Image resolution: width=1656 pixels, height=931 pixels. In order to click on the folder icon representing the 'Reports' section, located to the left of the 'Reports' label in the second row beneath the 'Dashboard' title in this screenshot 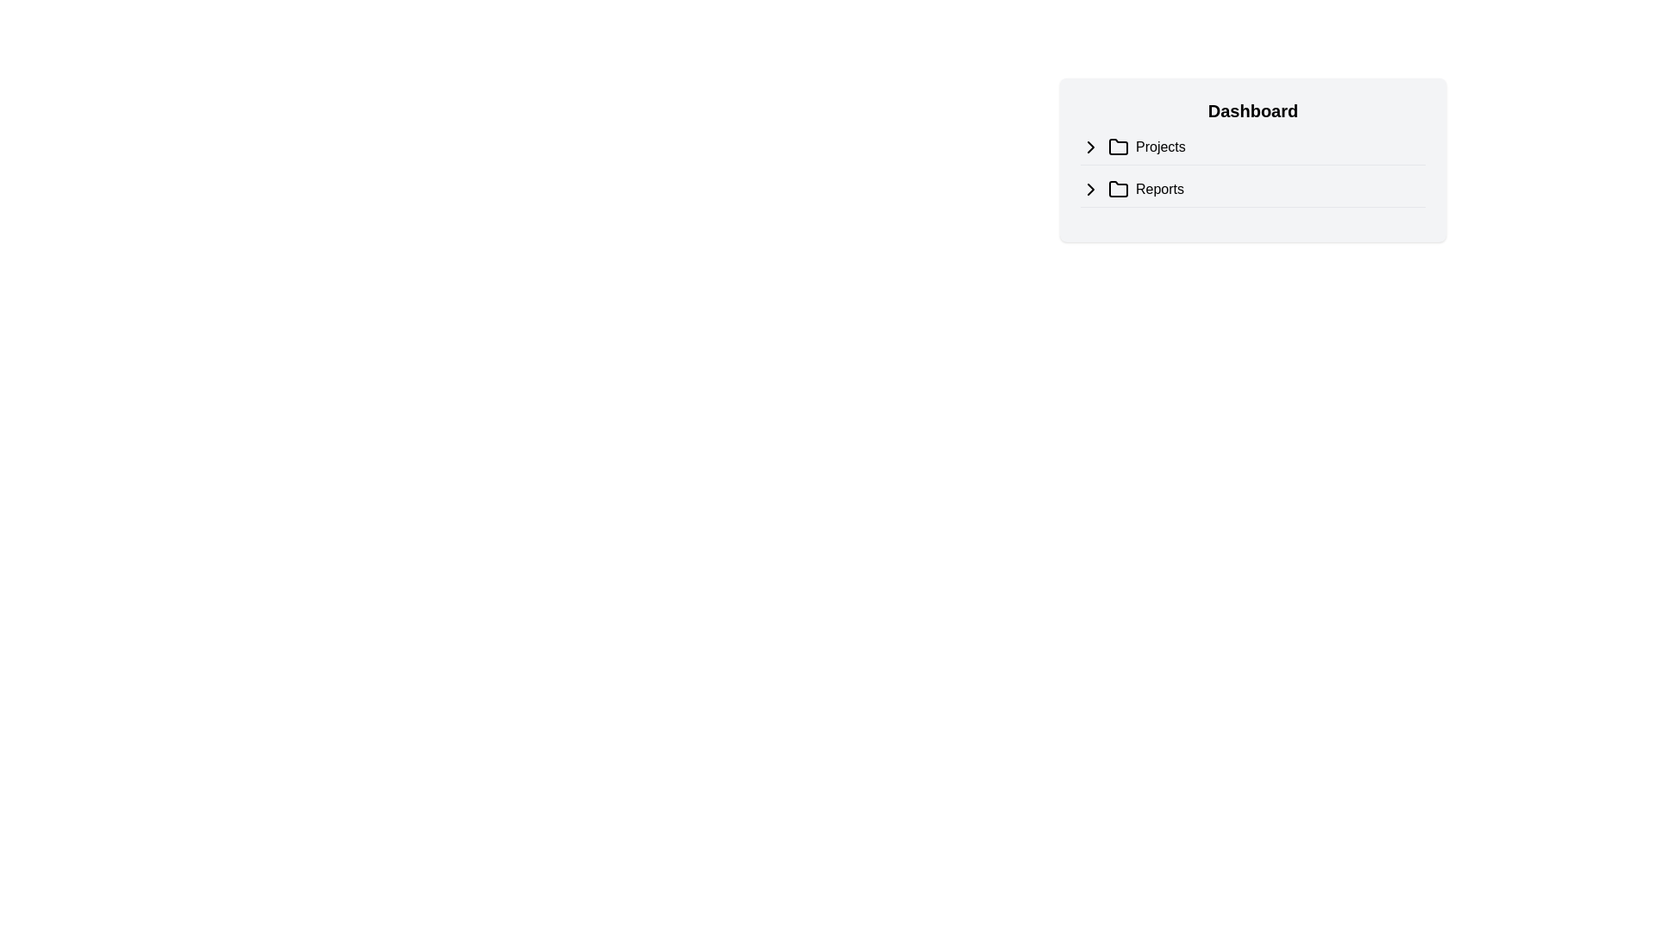, I will do `click(1118, 189)`.